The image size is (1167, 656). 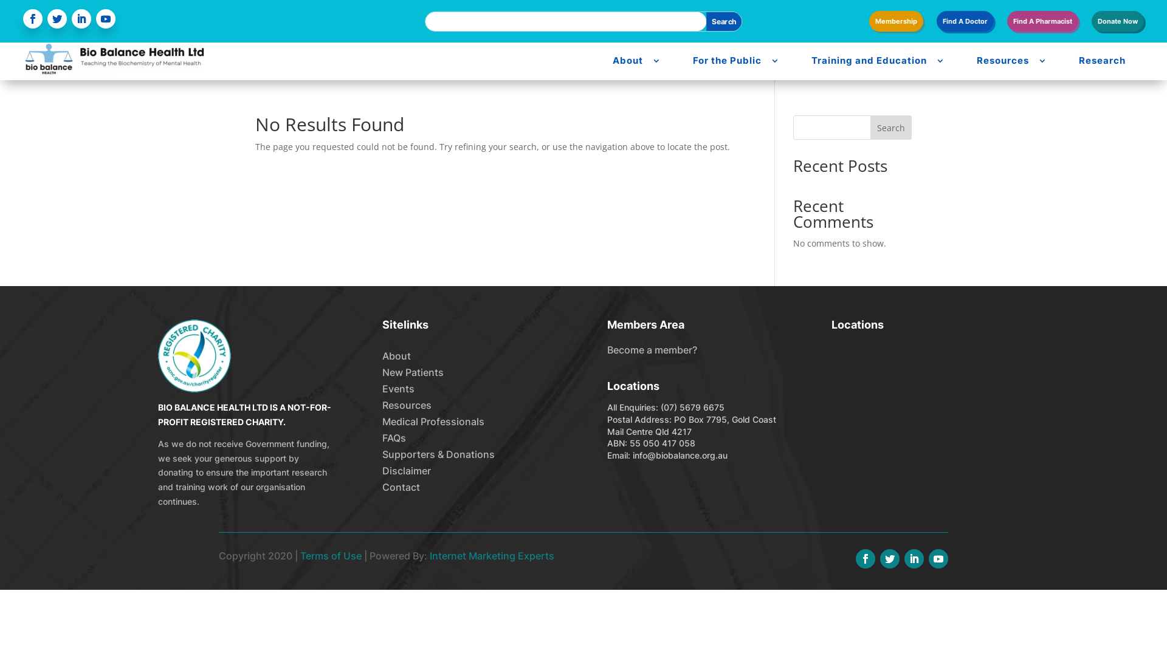 I want to click on 'charity', so click(x=194, y=355).